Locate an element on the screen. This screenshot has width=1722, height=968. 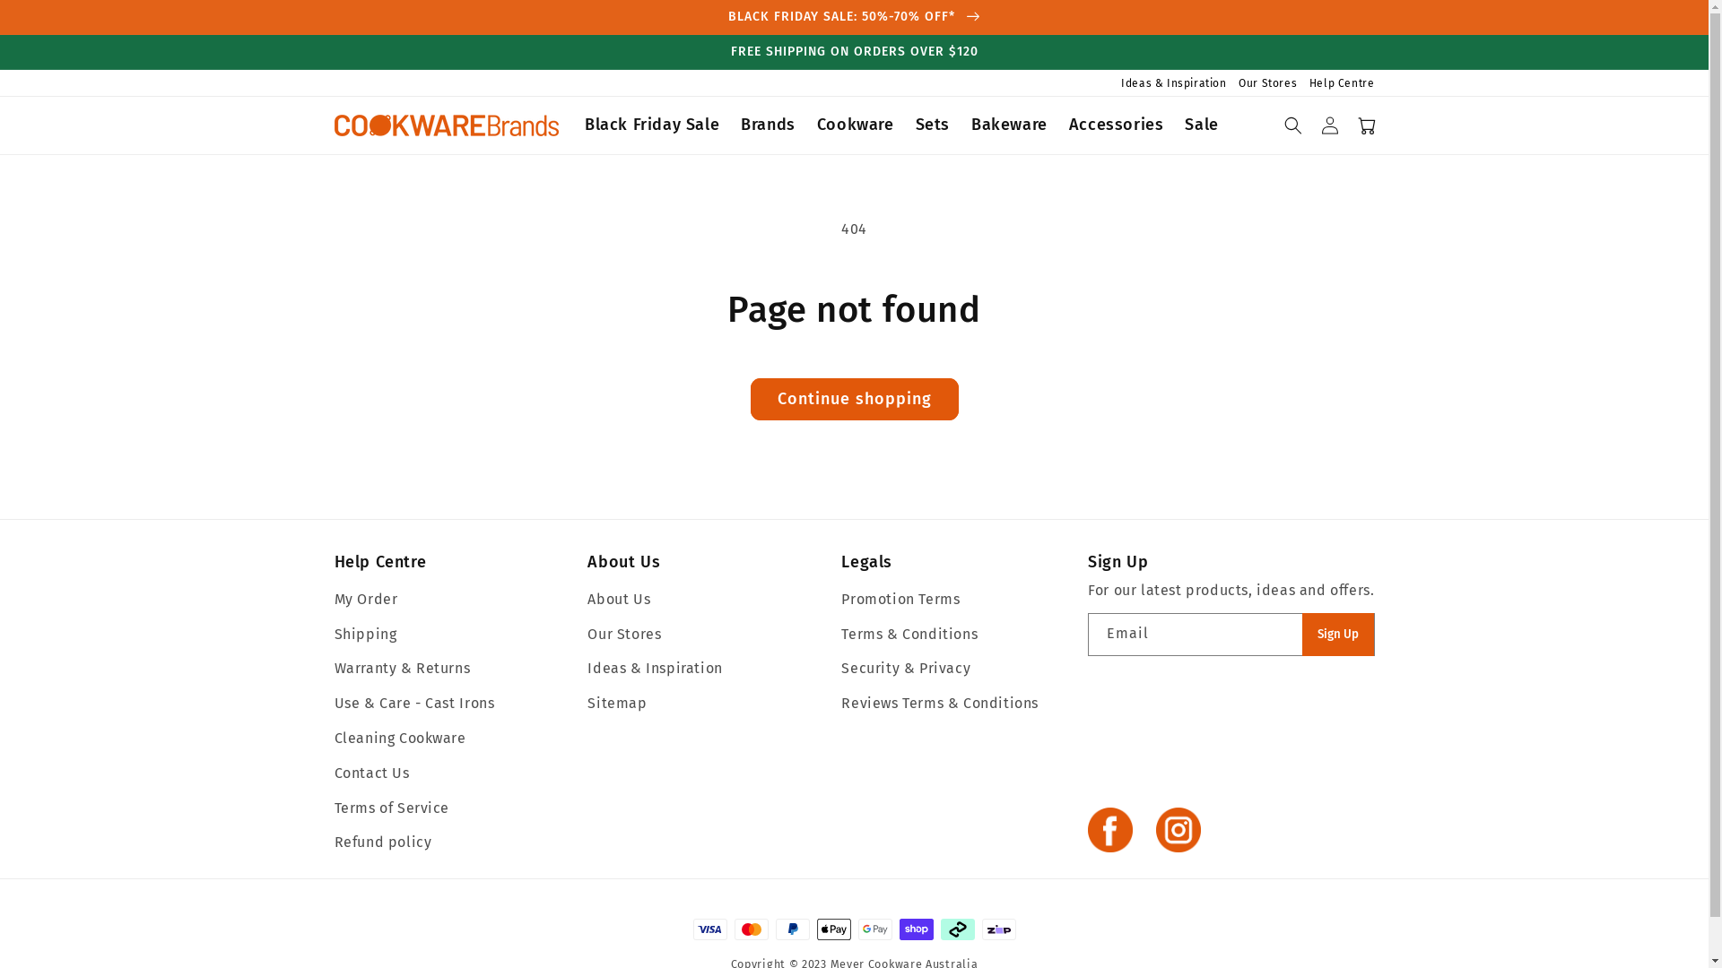
'About Us' is located at coordinates (619, 600).